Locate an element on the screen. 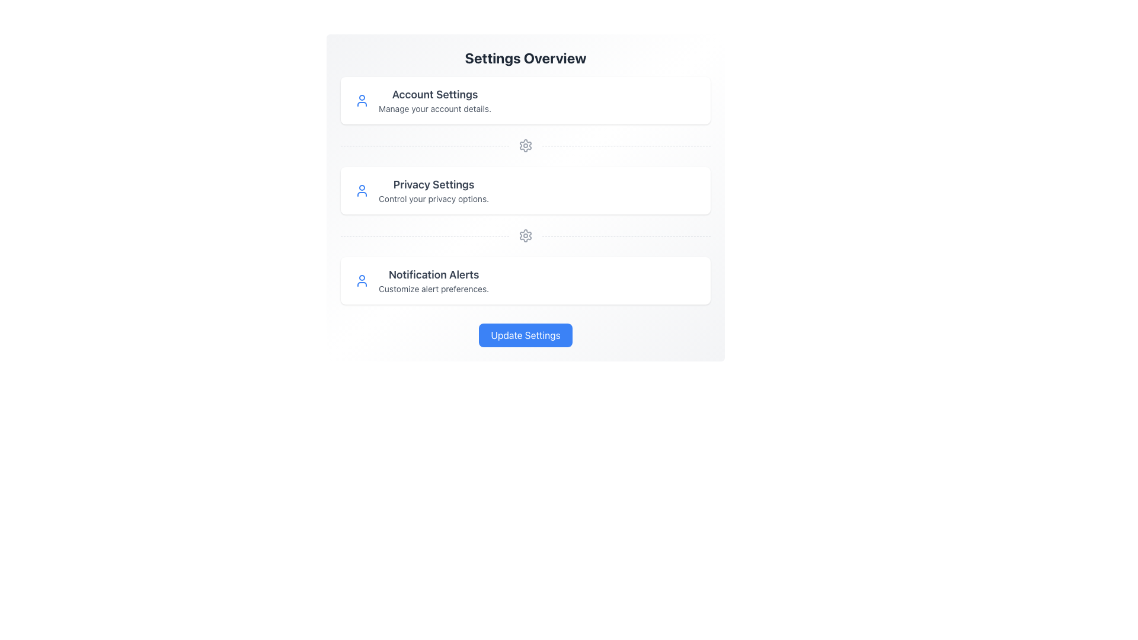 The height and width of the screenshot is (640, 1138). the user silhouette icon styled in blue, located to the left of 'Account Settings' and above 'Manage your account details.' is located at coordinates (361, 100).